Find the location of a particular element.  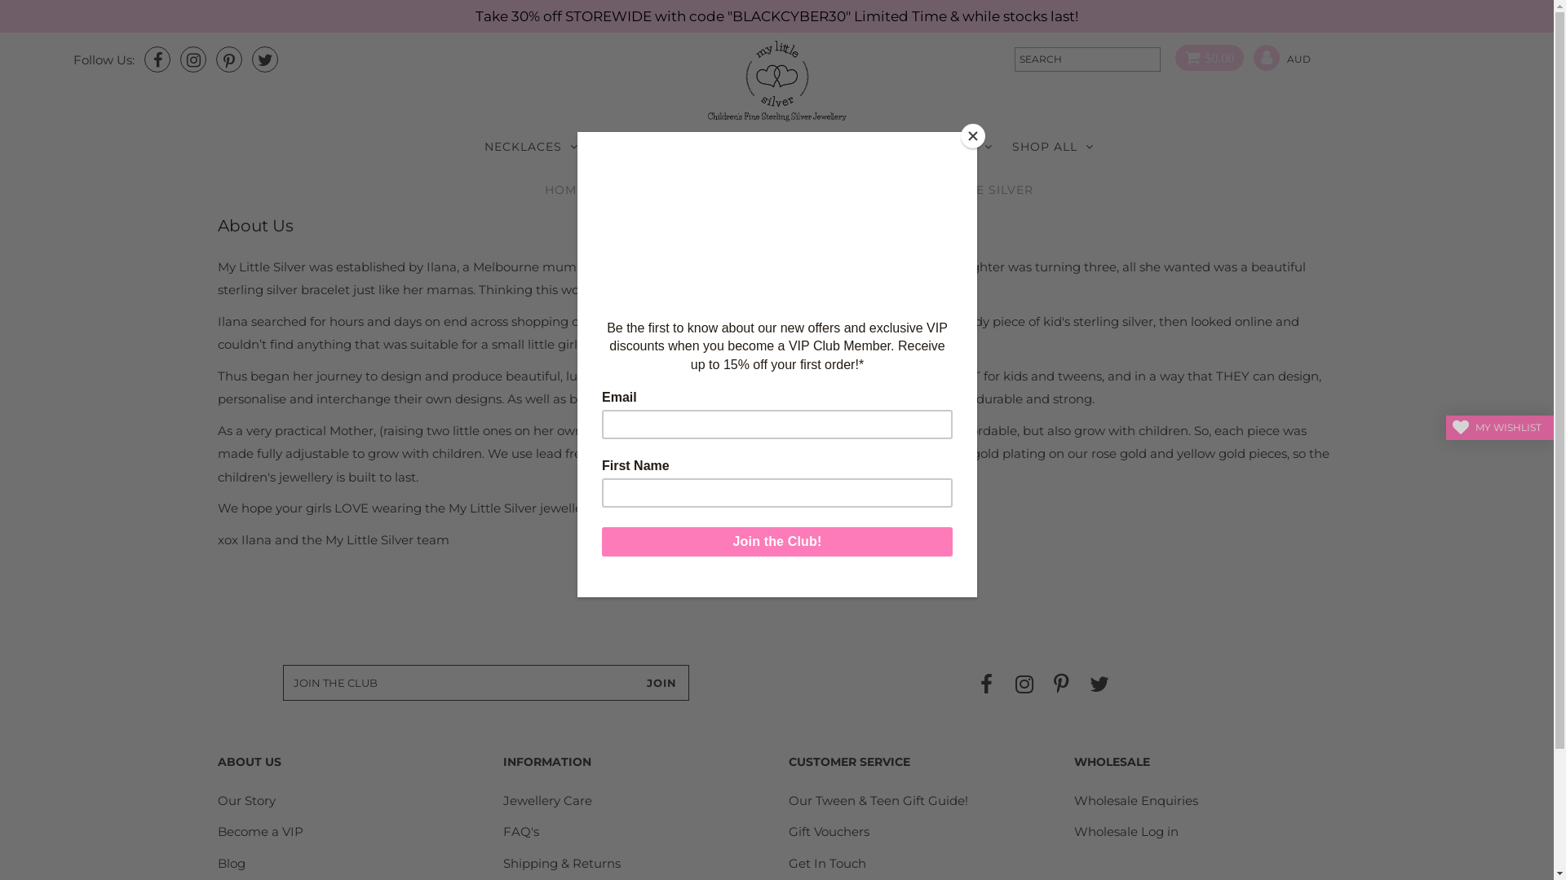

'Become a VIP' is located at coordinates (259, 831).